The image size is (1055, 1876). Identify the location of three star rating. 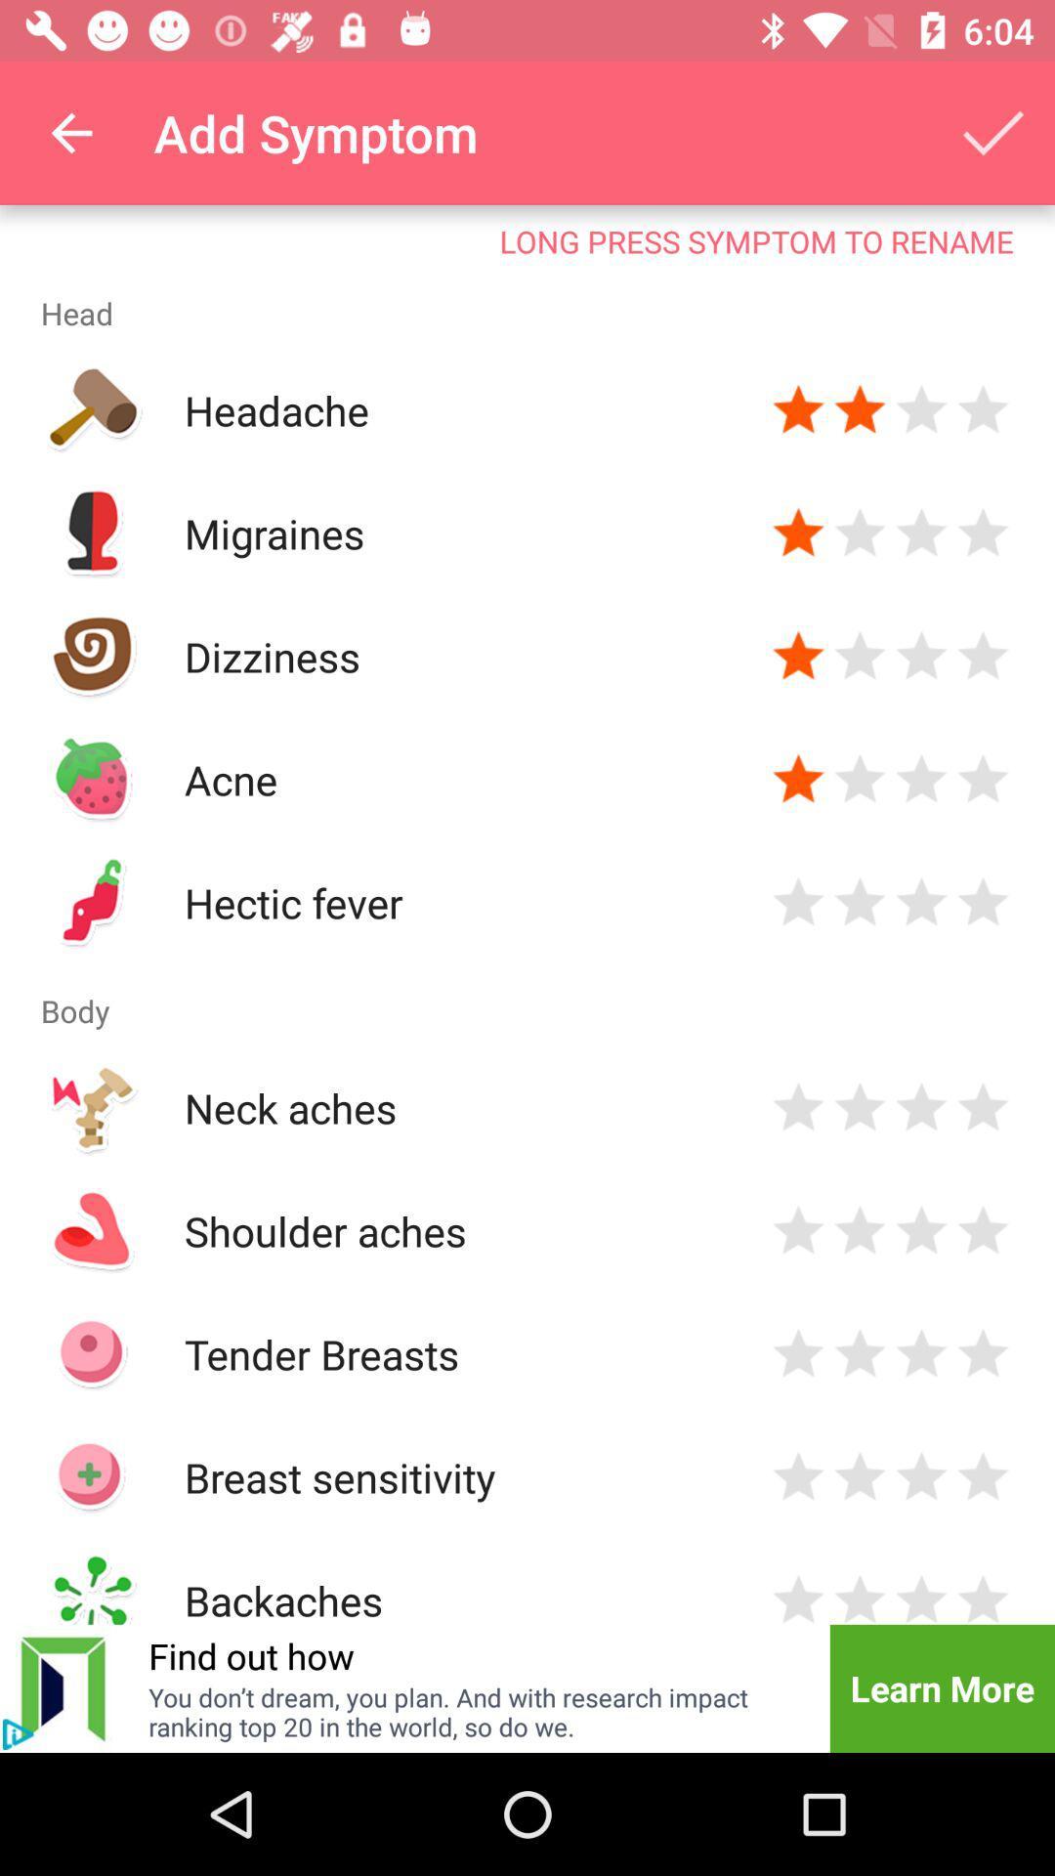
(921, 1477).